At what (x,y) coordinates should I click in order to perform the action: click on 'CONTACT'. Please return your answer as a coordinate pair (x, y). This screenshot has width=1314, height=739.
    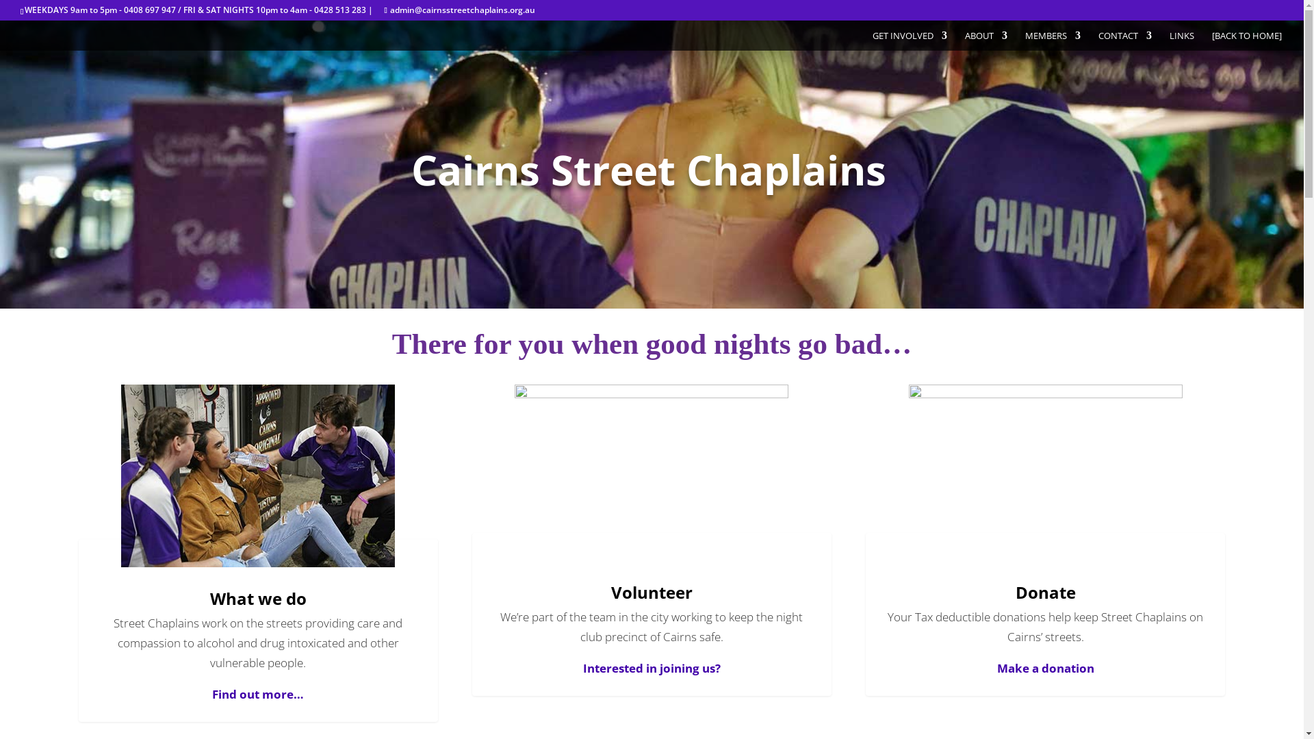
    Looking at the image, I should click on (1124, 40).